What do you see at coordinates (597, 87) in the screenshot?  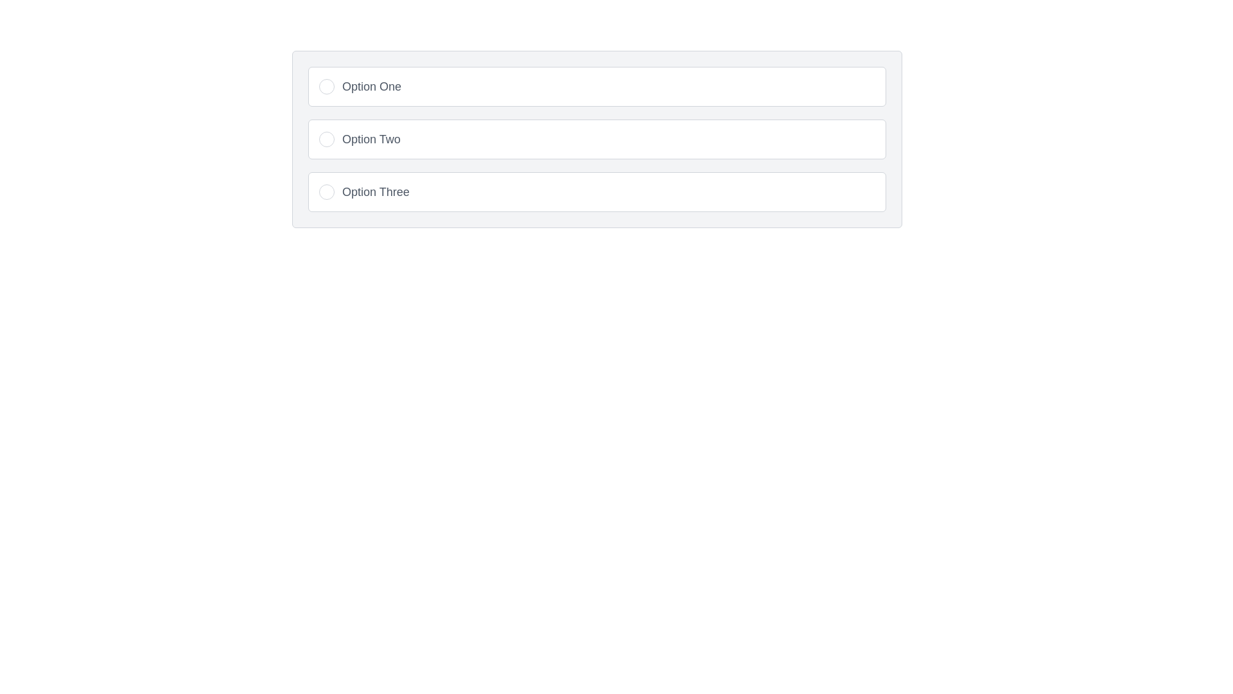 I see `the 'Option One' radio button, which is the first option in a vertical list of three` at bounding box center [597, 87].